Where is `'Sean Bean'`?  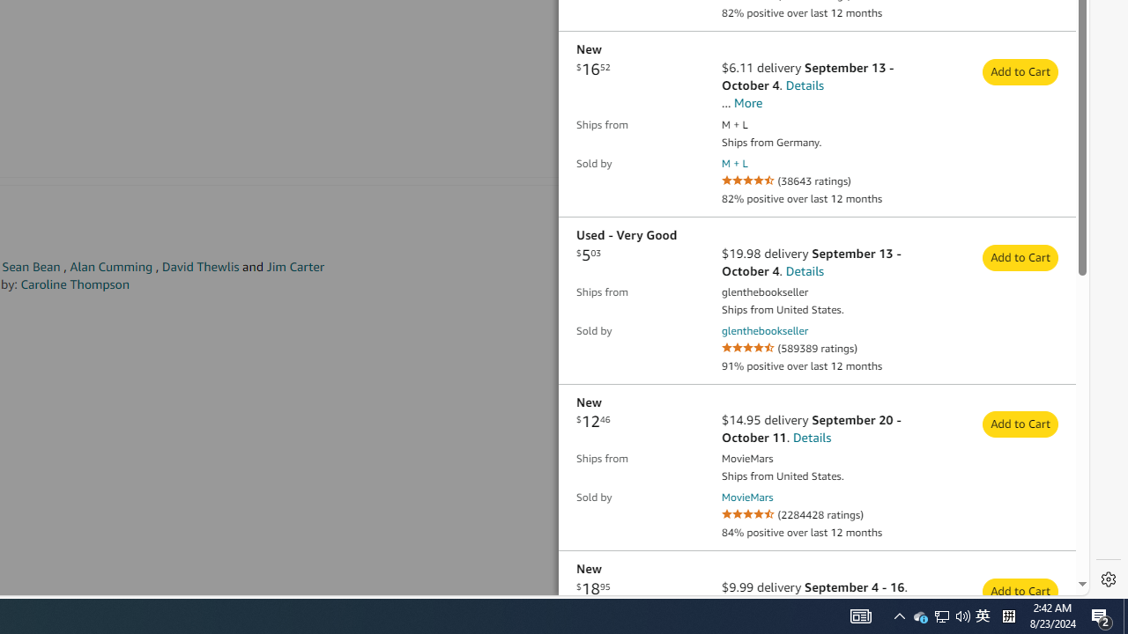
'Sean Bean' is located at coordinates (31, 267).